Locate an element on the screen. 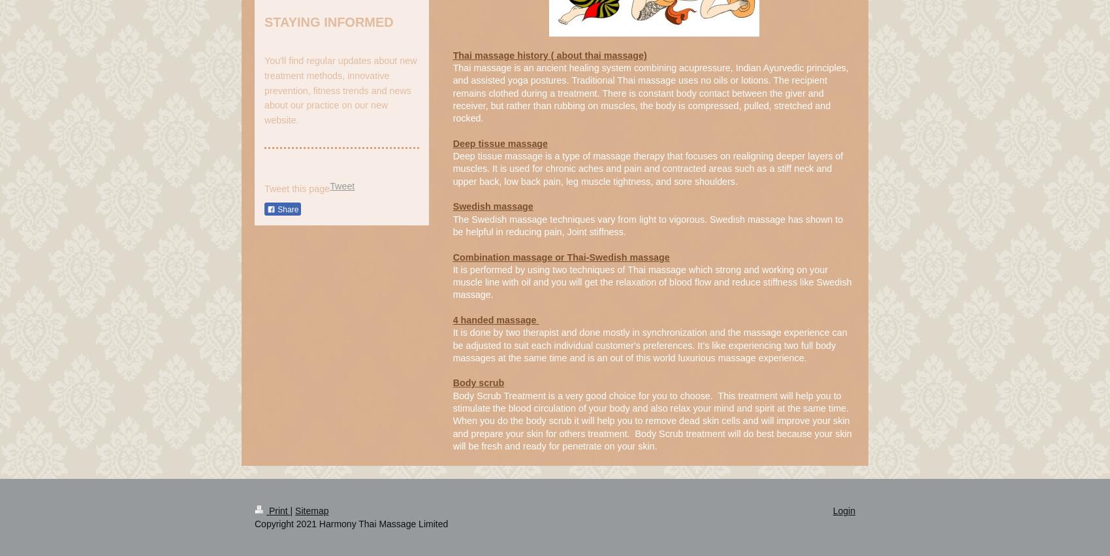 The image size is (1110, 556). 'Deep tissue massage' is located at coordinates (499, 142).